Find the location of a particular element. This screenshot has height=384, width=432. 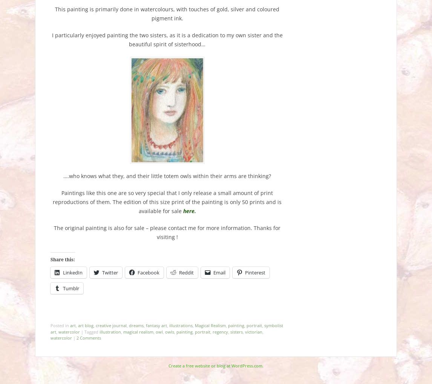

'Pinterest' is located at coordinates (255, 272).